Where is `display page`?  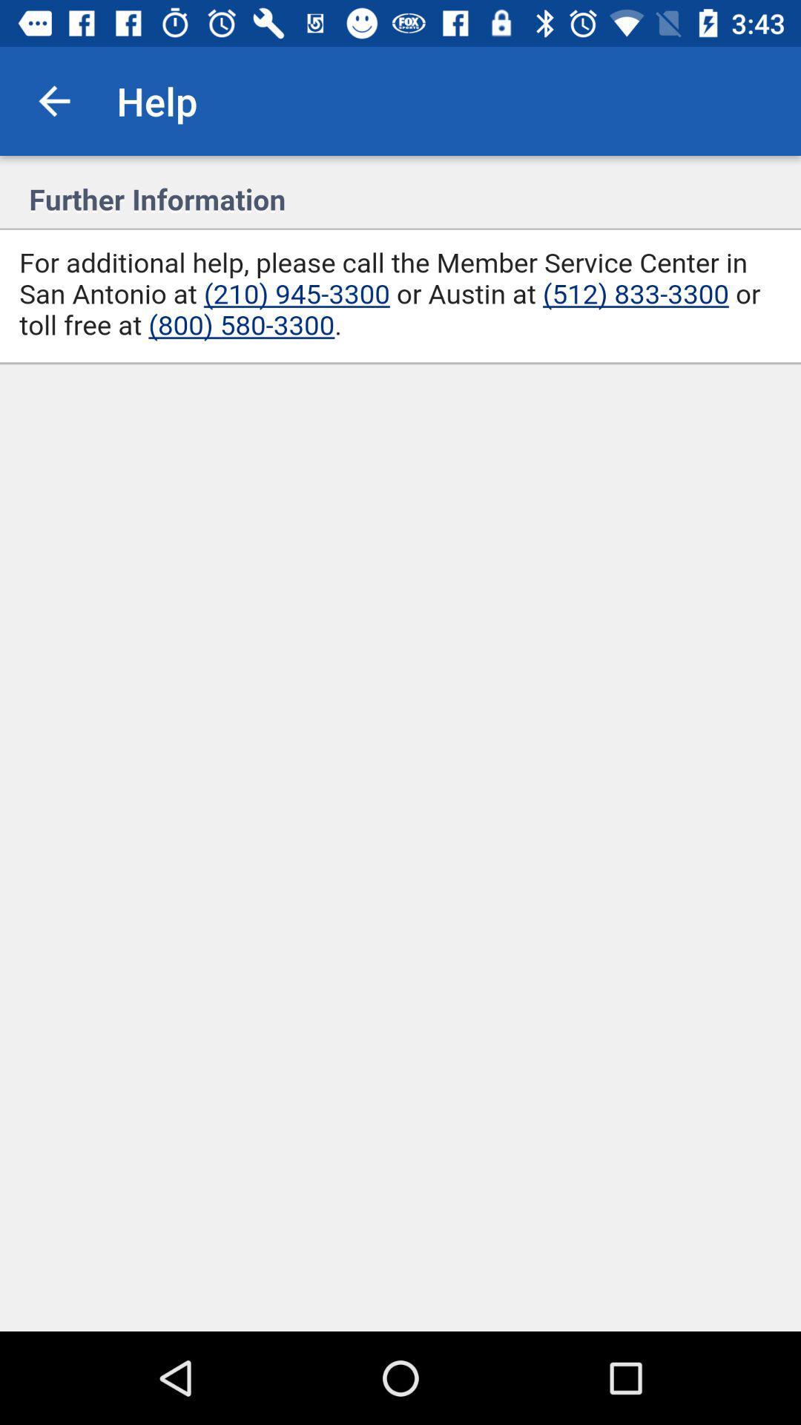
display page is located at coordinates (400, 744).